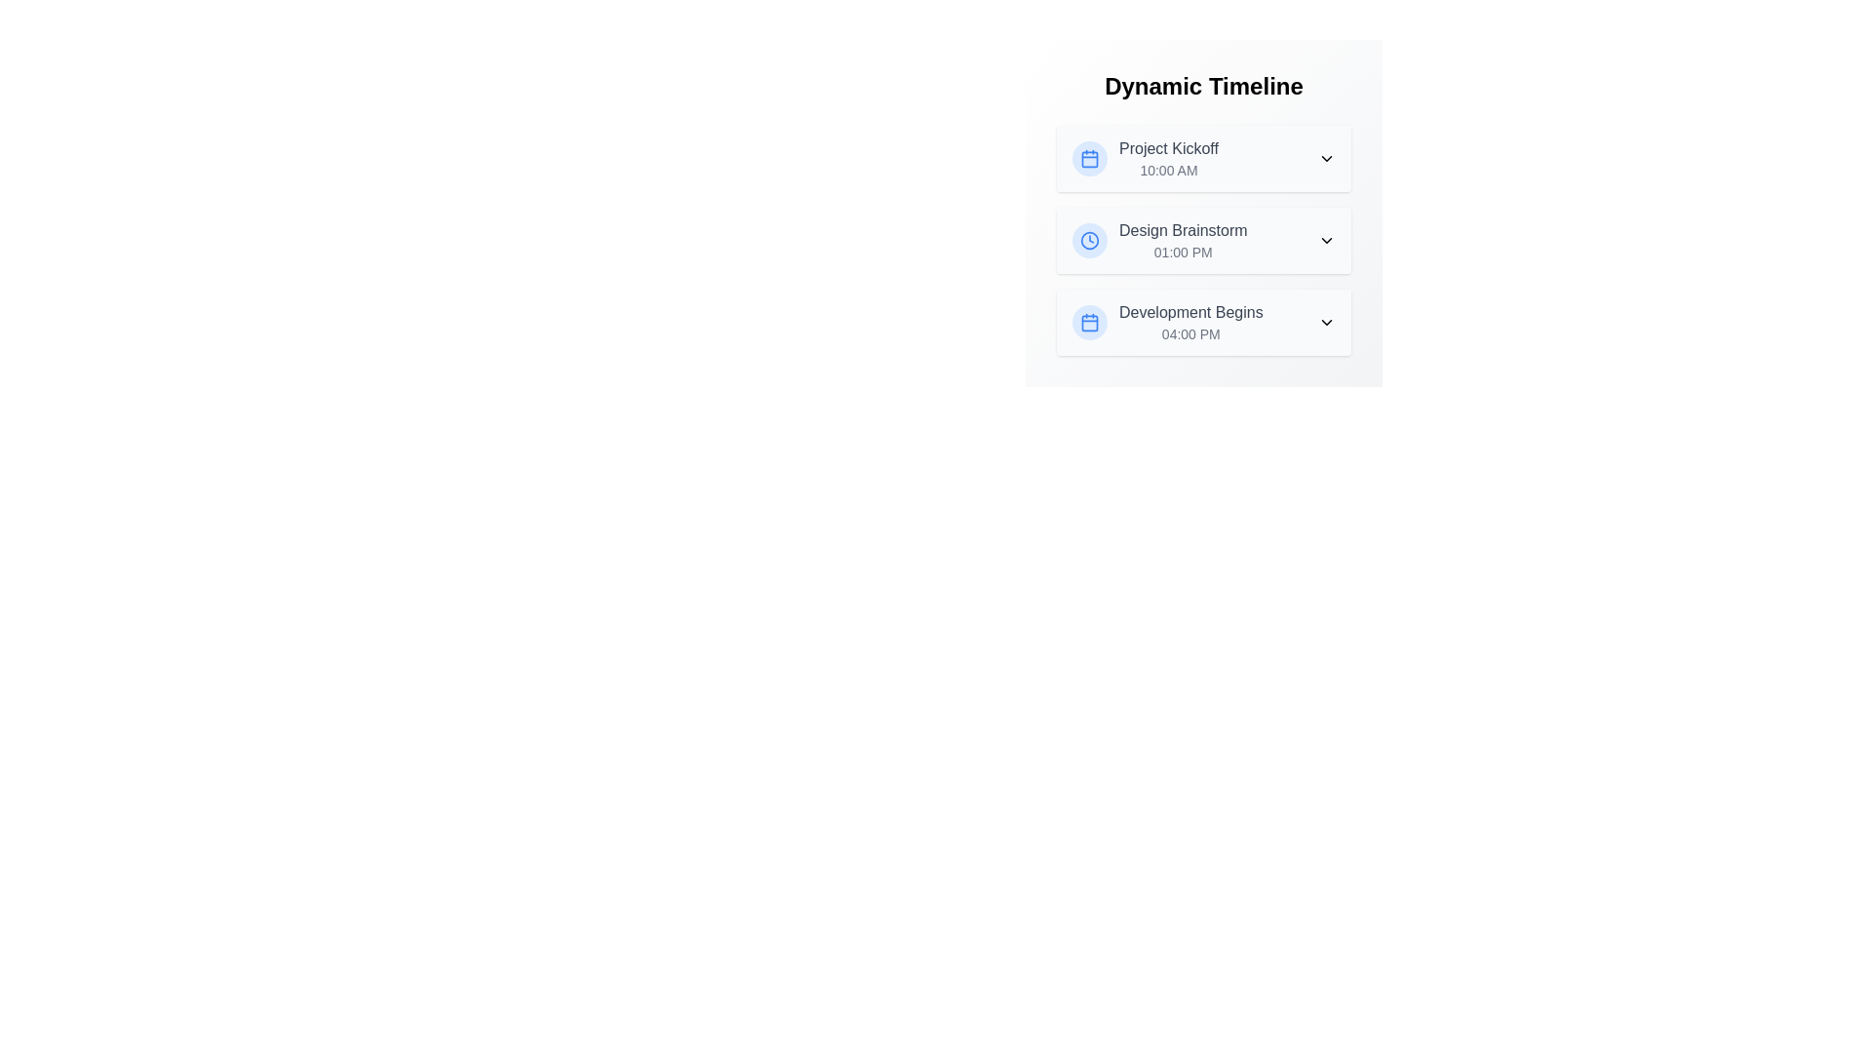 The width and height of the screenshot is (1872, 1053). Describe the element at coordinates (1189, 333) in the screenshot. I see `the text label indicating the time associated with the 'Development Begins' event in the timeline, located directly below the bold title 'Development Begins.'` at that location.